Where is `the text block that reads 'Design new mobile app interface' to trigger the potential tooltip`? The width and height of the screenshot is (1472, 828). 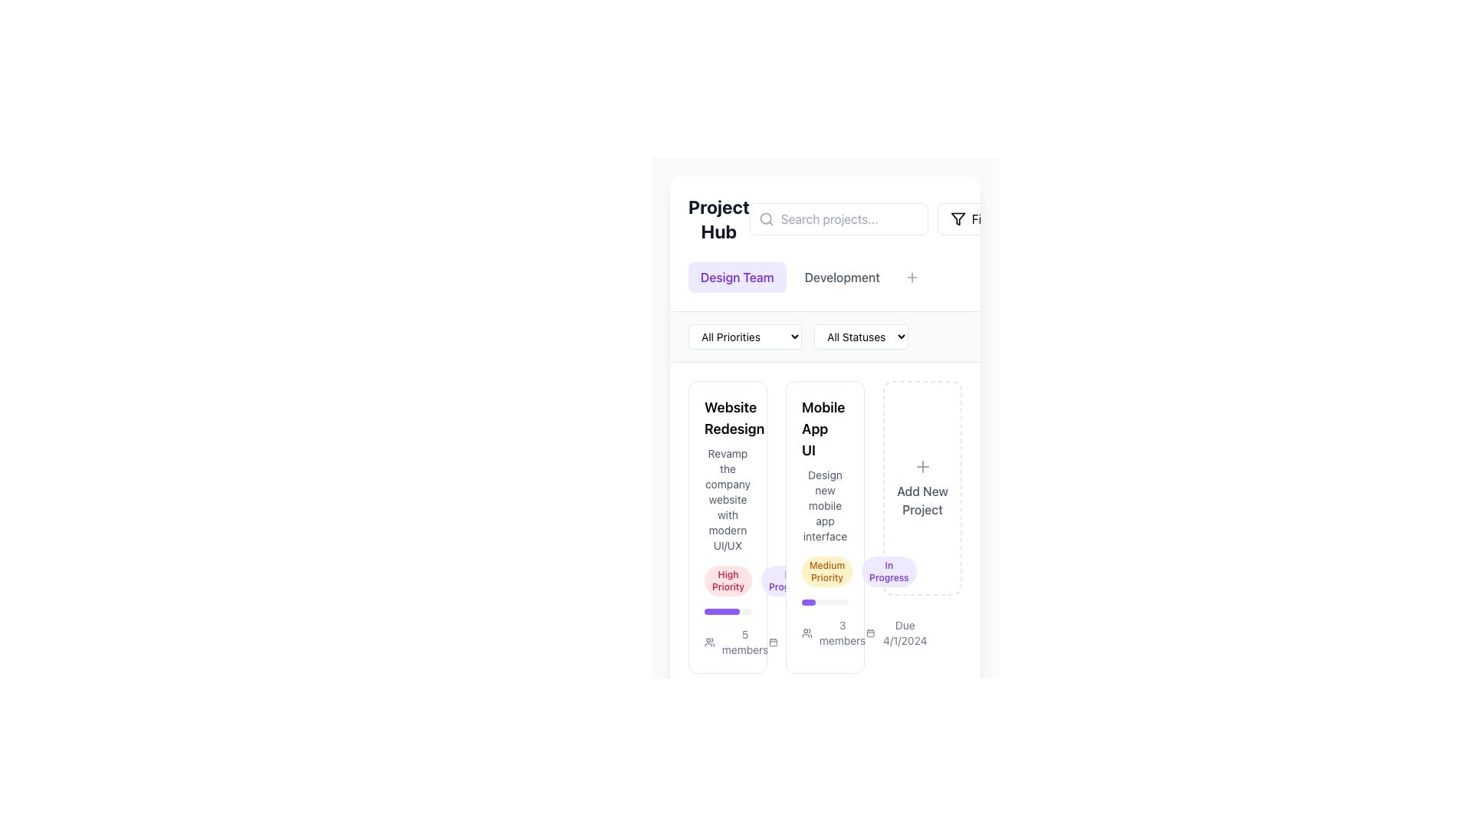 the text block that reads 'Design new mobile app interface' to trigger the potential tooltip is located at coordinates (824, 505).